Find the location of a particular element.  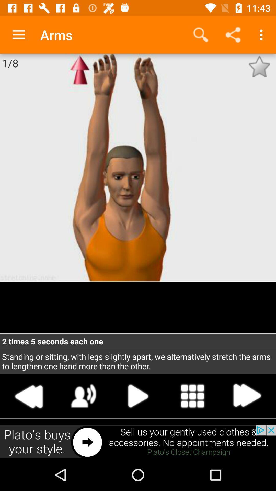

the dialpad icon is located at coordinates (192, 396).